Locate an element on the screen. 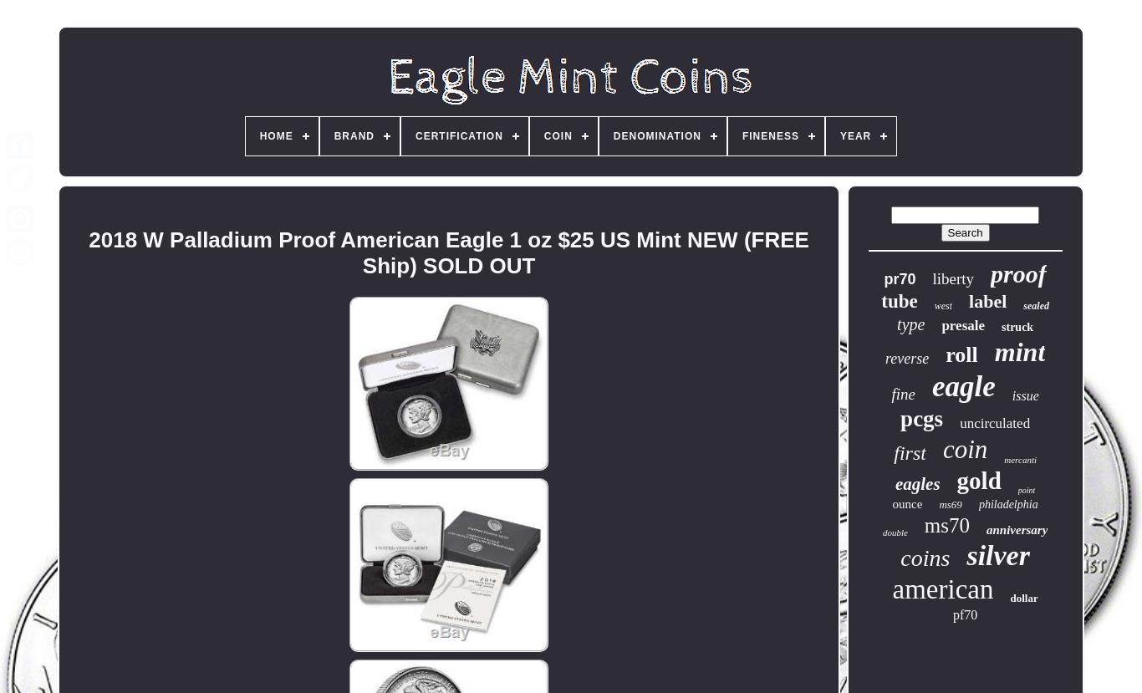  'mercanti' is located at coordinates (1020, 459).